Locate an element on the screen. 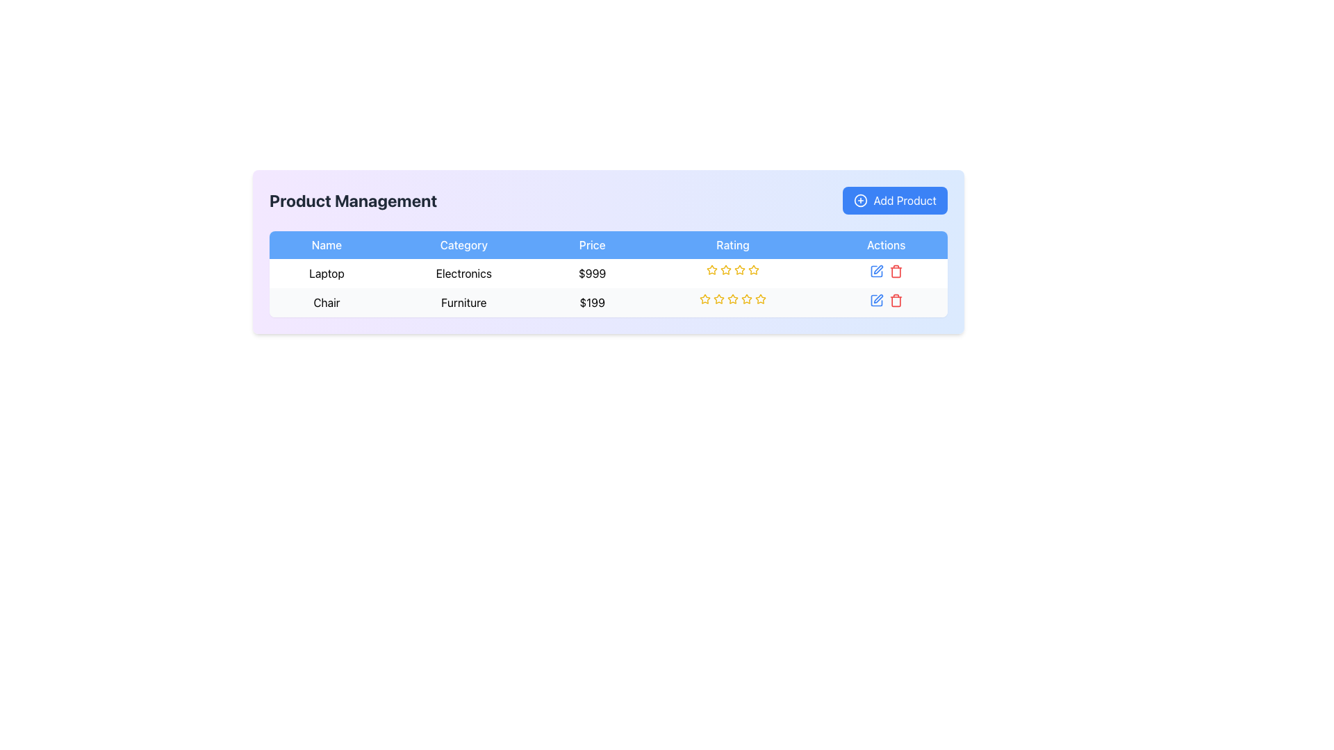  the Icon Button located in the 'Actions' column of the second row in the table that allows users to interact with the row is located at coordinates (875, 299).